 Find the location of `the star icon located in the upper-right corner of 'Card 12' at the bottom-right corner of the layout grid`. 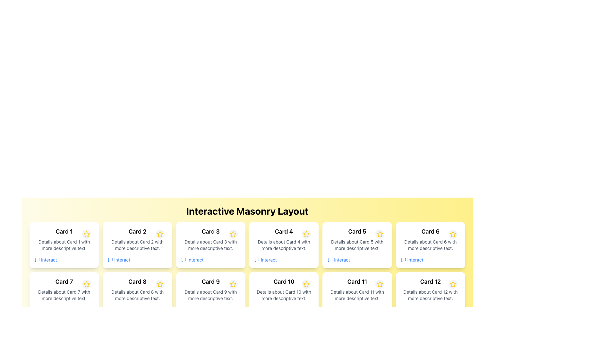

the star icon located in the upper-right corner of 'Card 12' at the bottom-right corner of the layout grid is located at coordinates (452, 284).